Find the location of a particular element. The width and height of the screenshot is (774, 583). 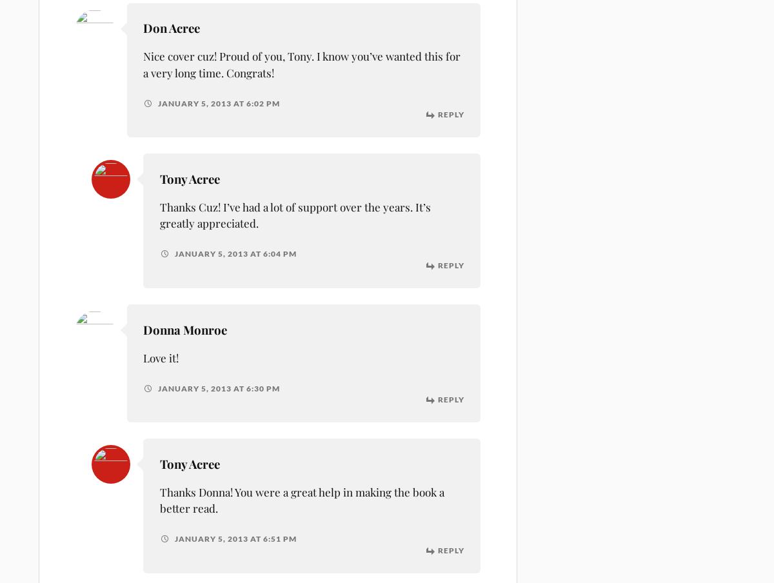

'Thanks Cuz!  I’ve had a lot of support over the years.   It’s greatly appreciated.' is located at coordinates (293, 215).